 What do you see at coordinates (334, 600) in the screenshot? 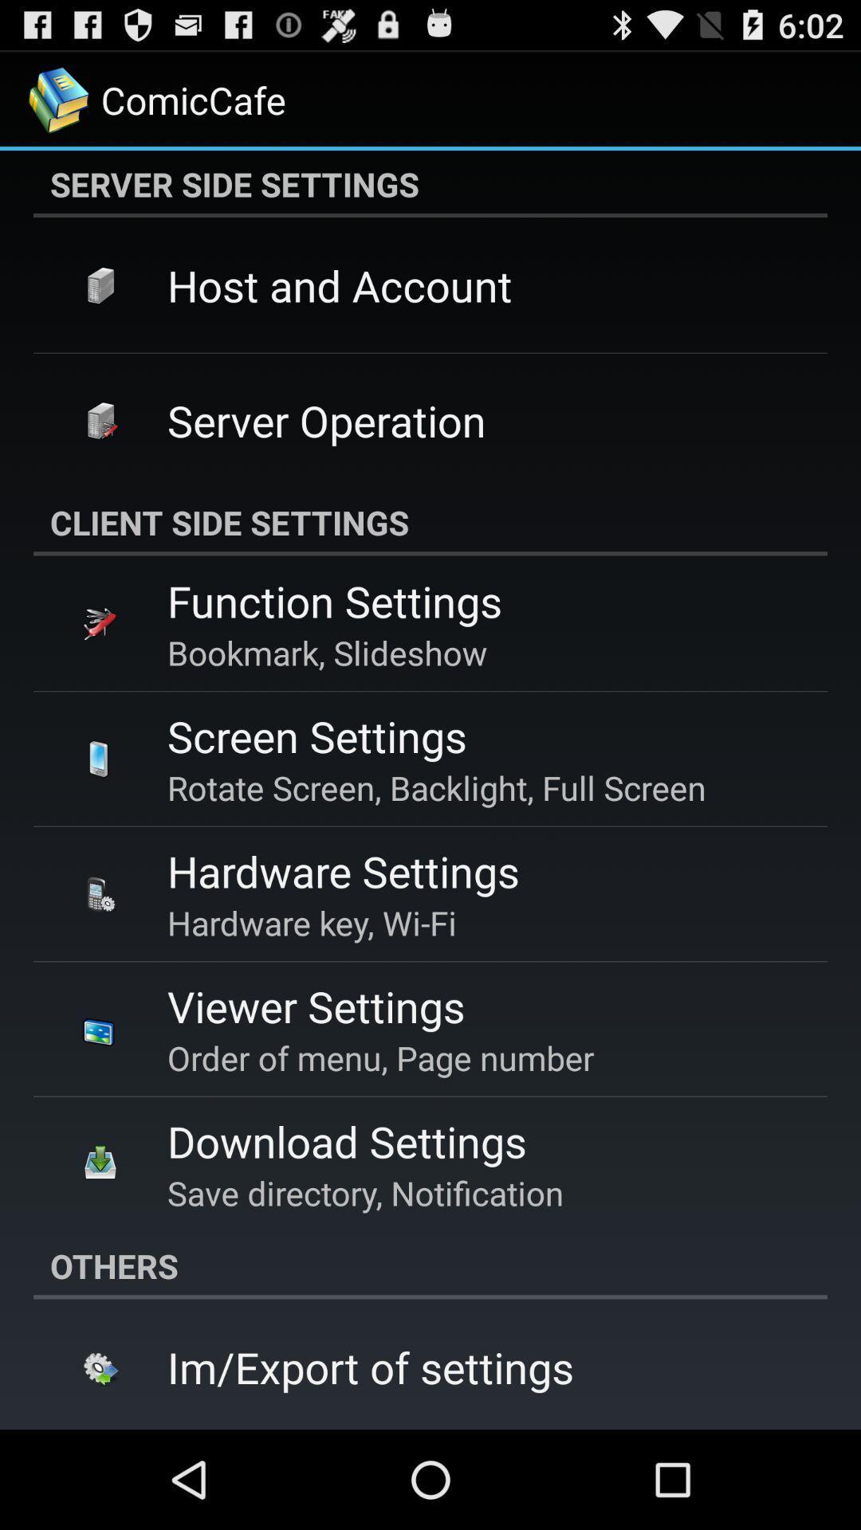
I see `the item above bookmark, slideshow icon` at bounding box center [334, 600].